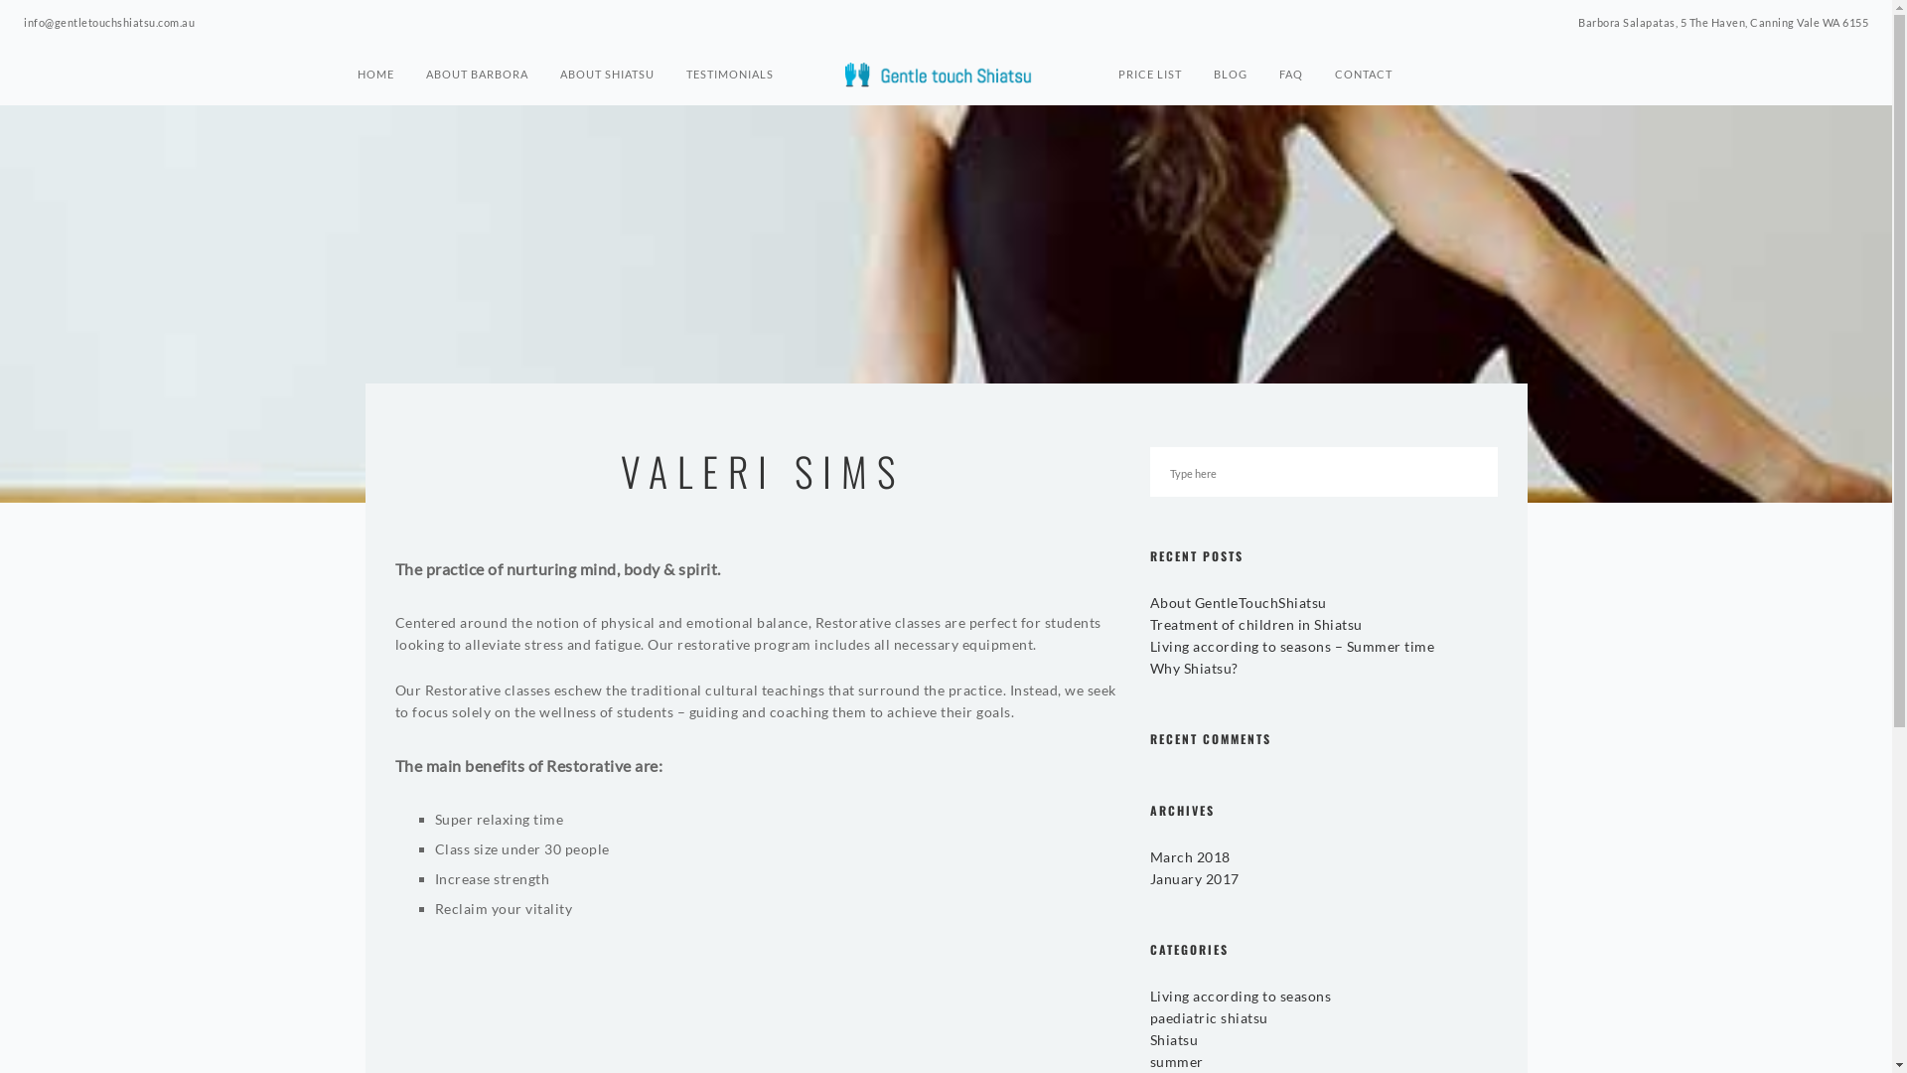  What do you see at coordinates (375, 75) in the screenshot?
I see `'HOME'` at bounding box center [375, 75].